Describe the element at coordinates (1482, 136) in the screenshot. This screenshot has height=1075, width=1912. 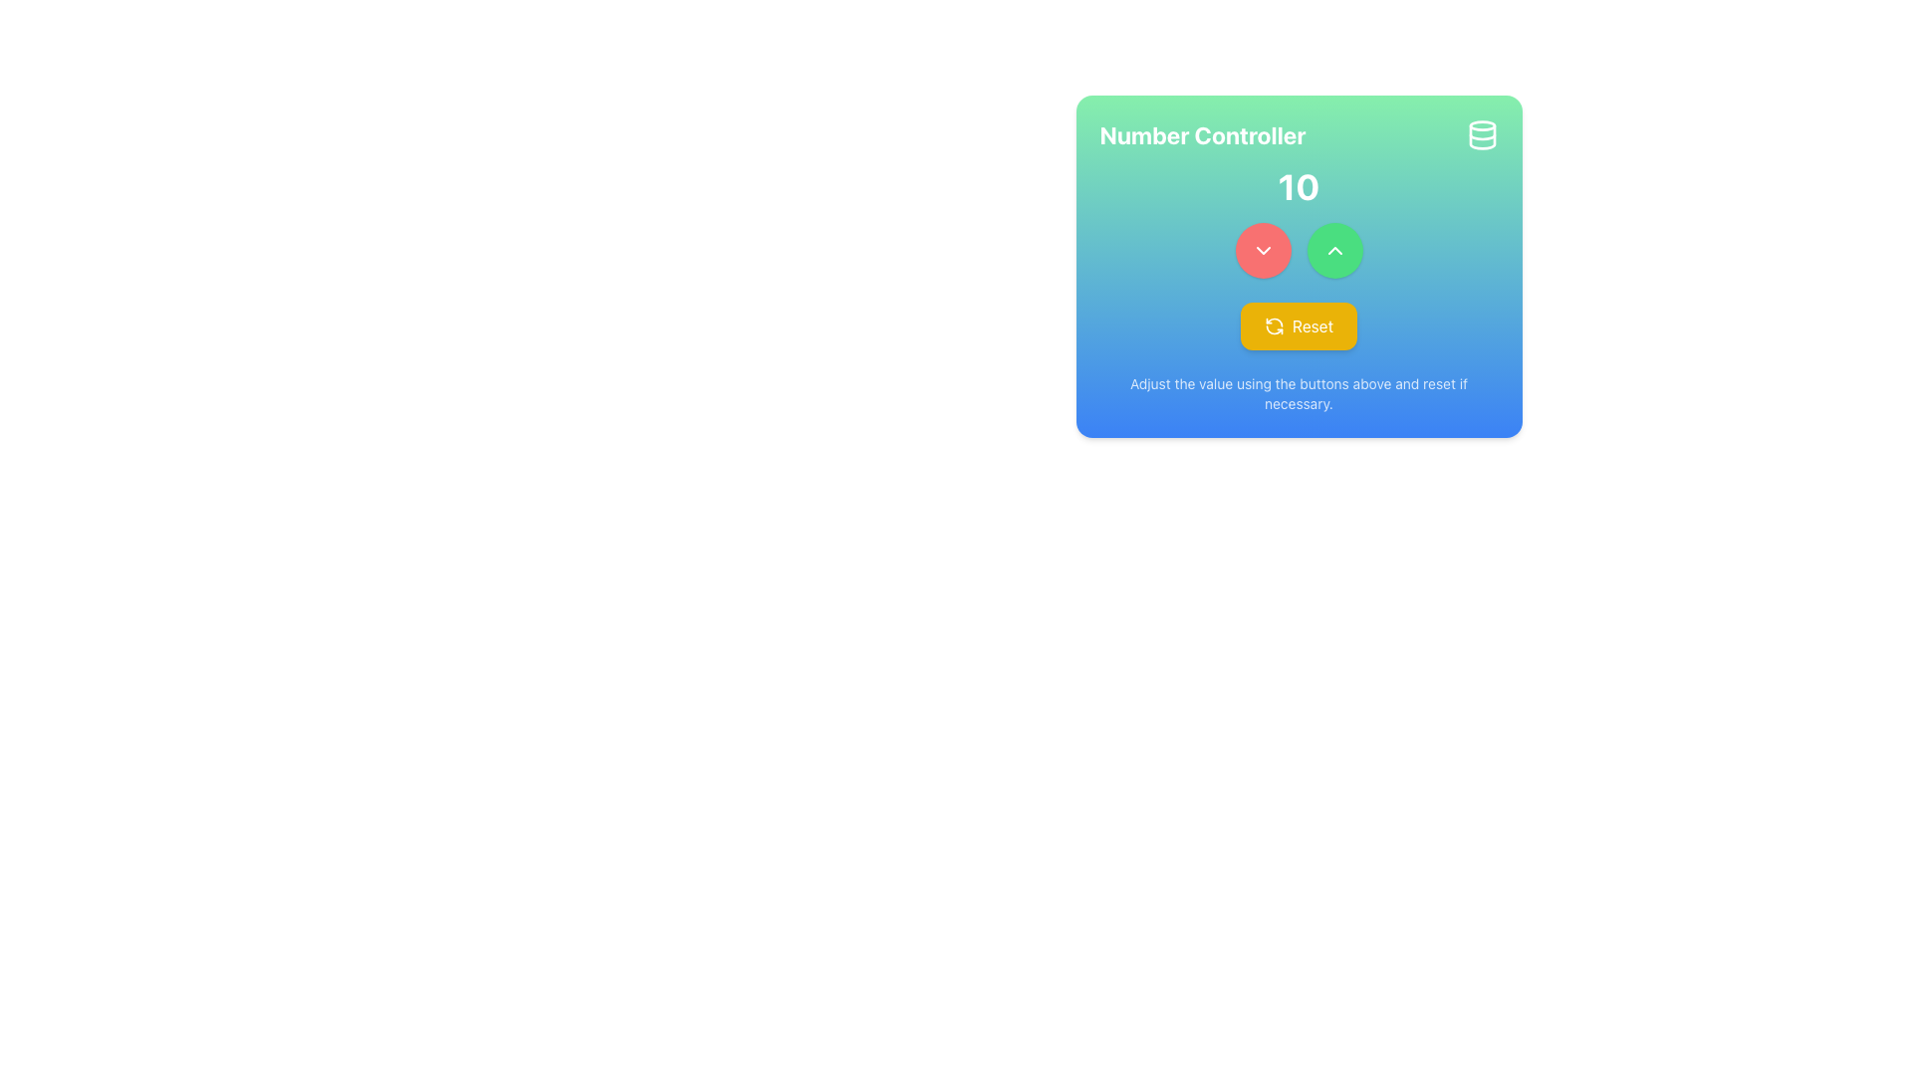
I see `the middle elliptical disk of the database icon located in the top-right corner of the interface` at that location.